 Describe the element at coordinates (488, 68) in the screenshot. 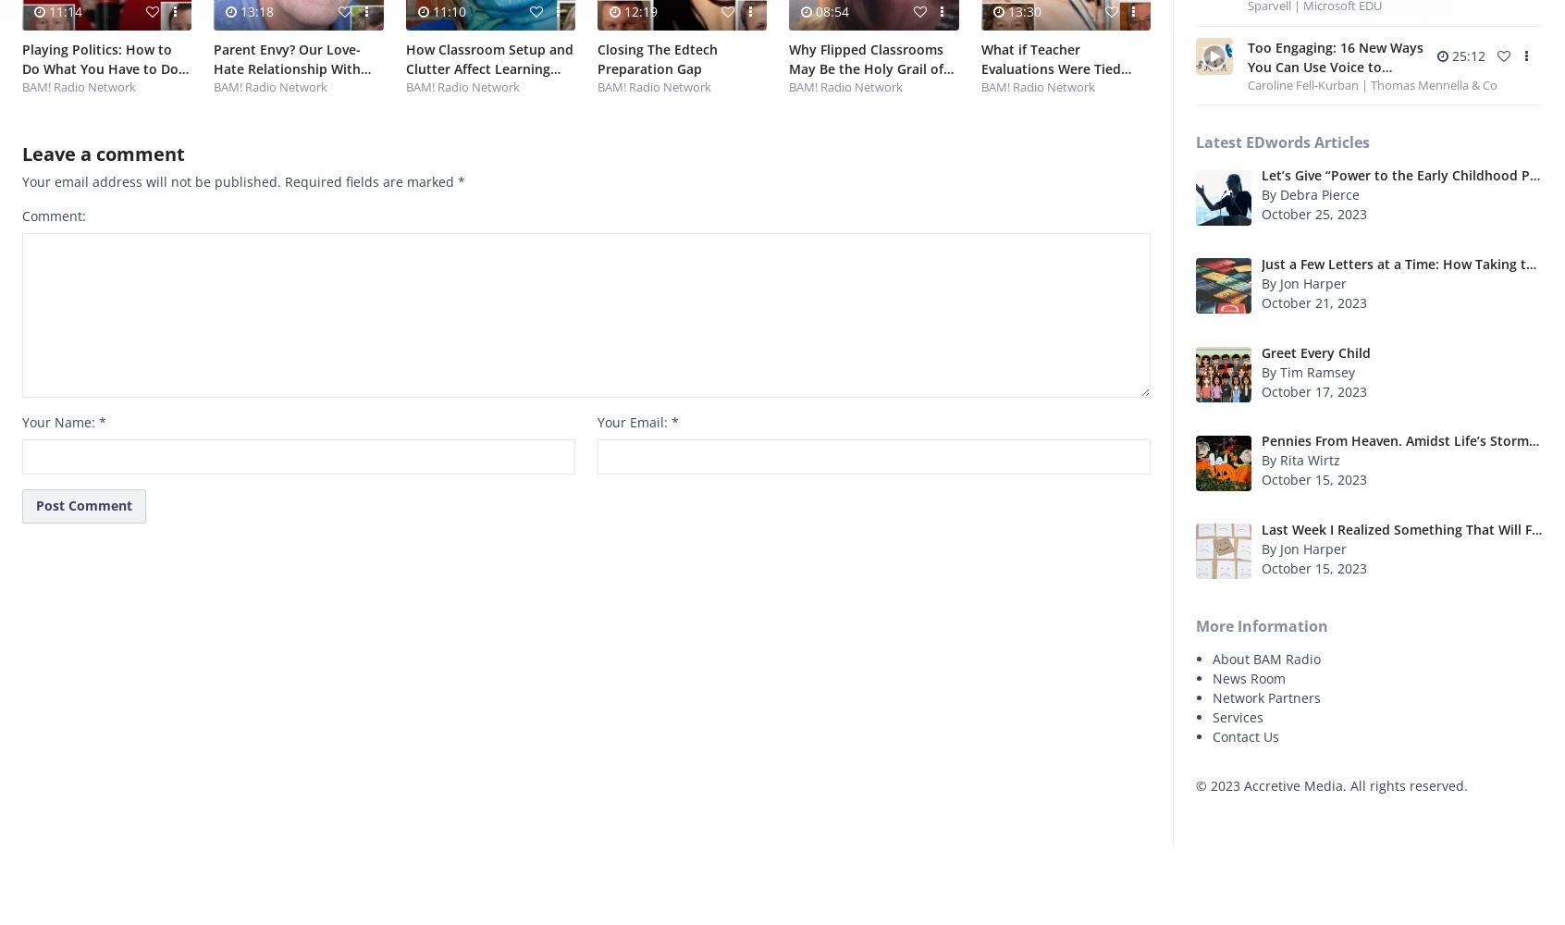

I see `'How Classroom Setup and Clutter Affect Learning and Behavior'` at that location.